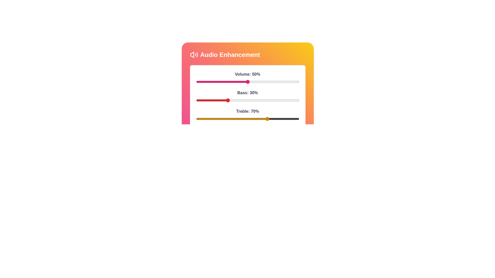  What do you see at coordinates (247, 81) in the screenshot?
I see `the circular pink thumb of the horizontal volume slider, labeled 'Volume: 50%'` at bounding box center [247, 81].